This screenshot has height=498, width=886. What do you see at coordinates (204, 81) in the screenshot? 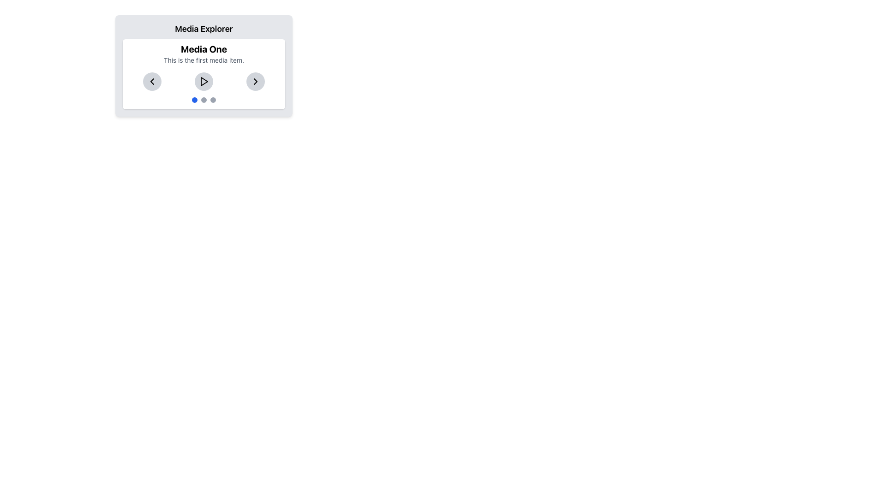
I see `the triangular play icon in the Media Explorer interface` at bounding box center [204, 81].